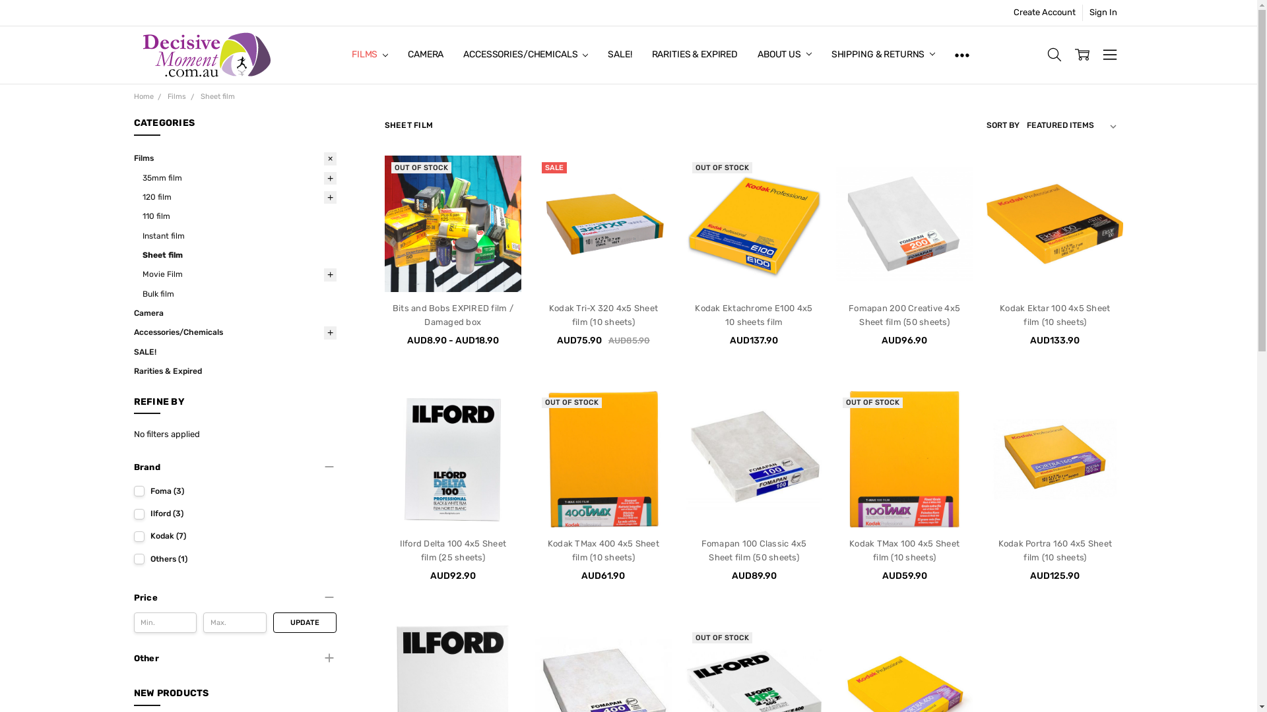 This screenshot has width=1267, height=712. Describe the element at coordinates (240, 178) in the screenshot. I see `'35mm film'` at that location.